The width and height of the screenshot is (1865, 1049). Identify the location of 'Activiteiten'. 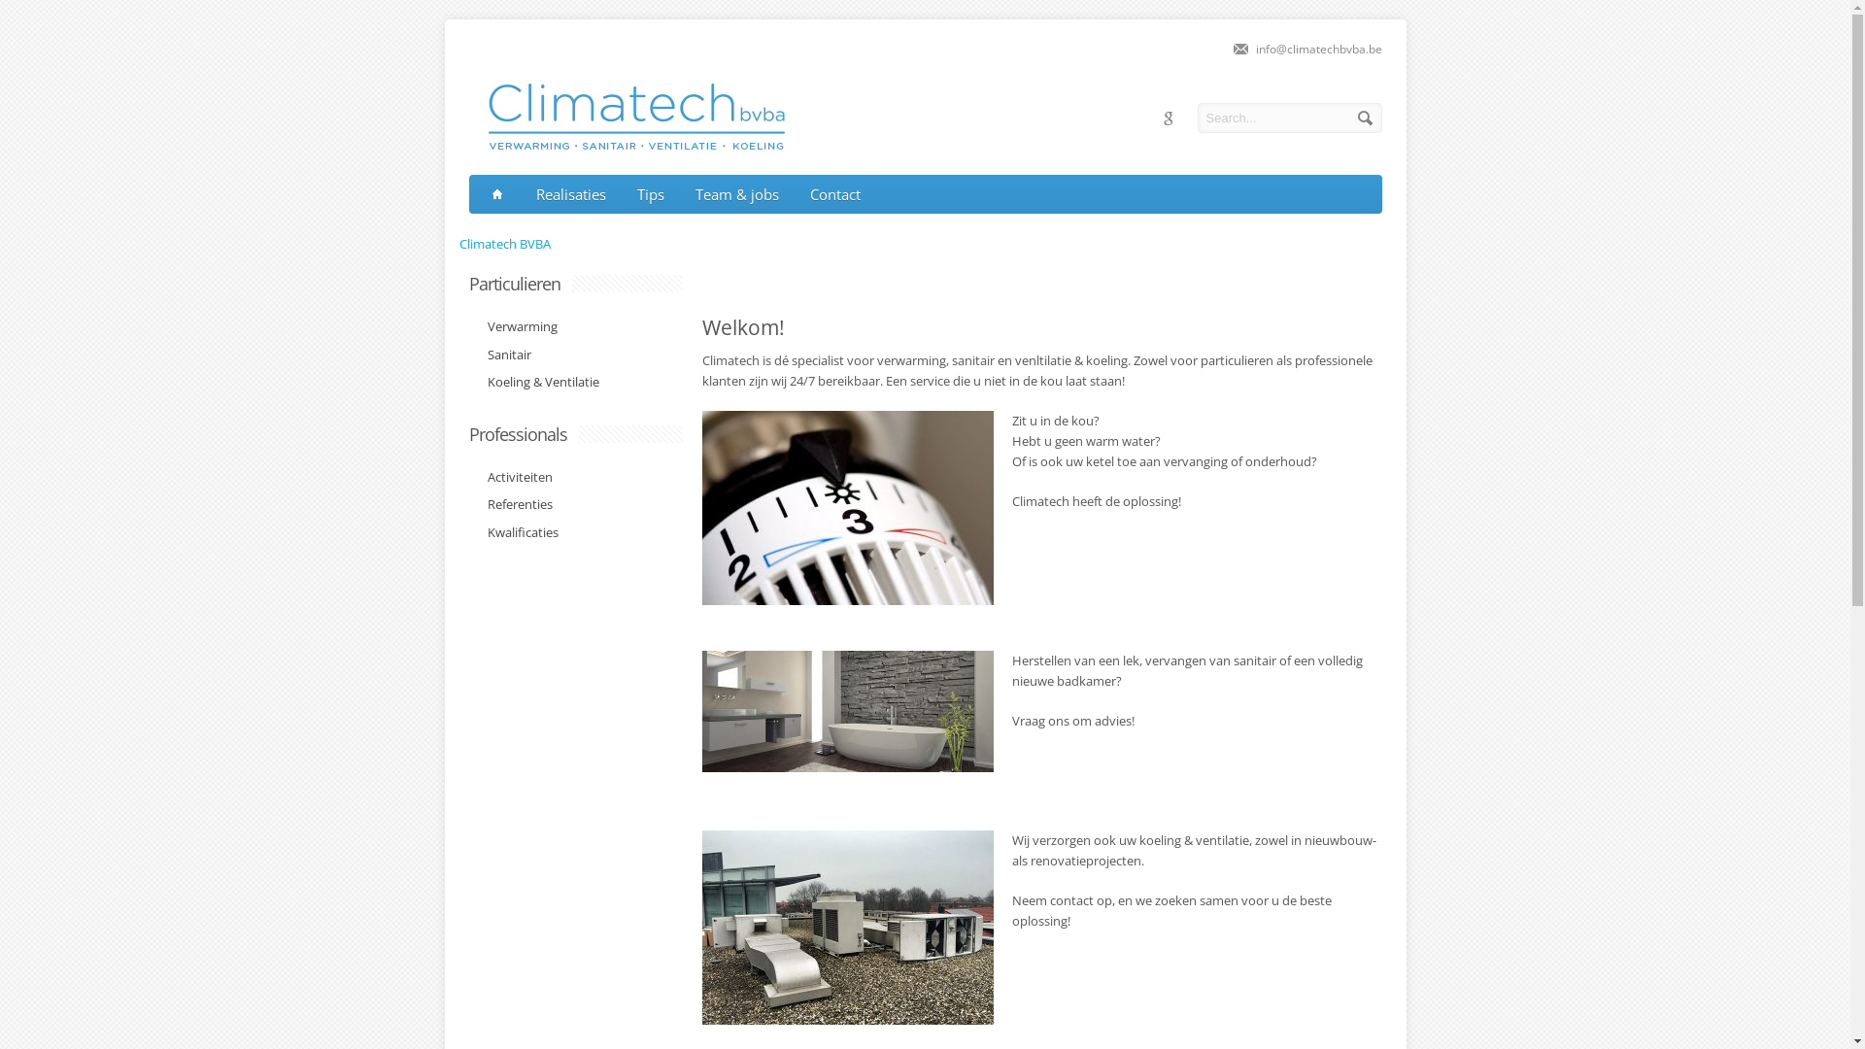
(514, 478).